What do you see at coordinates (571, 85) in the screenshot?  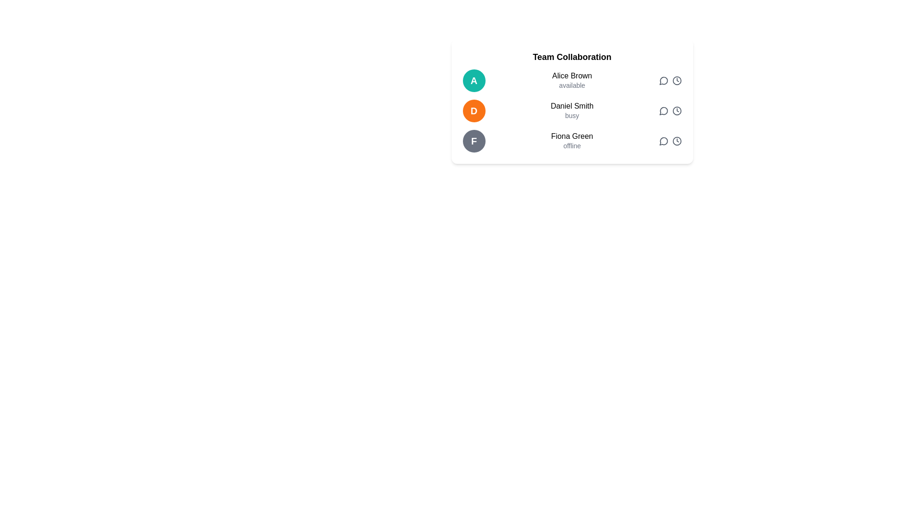 I see `the availability status text label indicating the status of 'Alice Brown', positioned beneath her name and aligned with her avatar and action icons` at bounding box center [571, 85].